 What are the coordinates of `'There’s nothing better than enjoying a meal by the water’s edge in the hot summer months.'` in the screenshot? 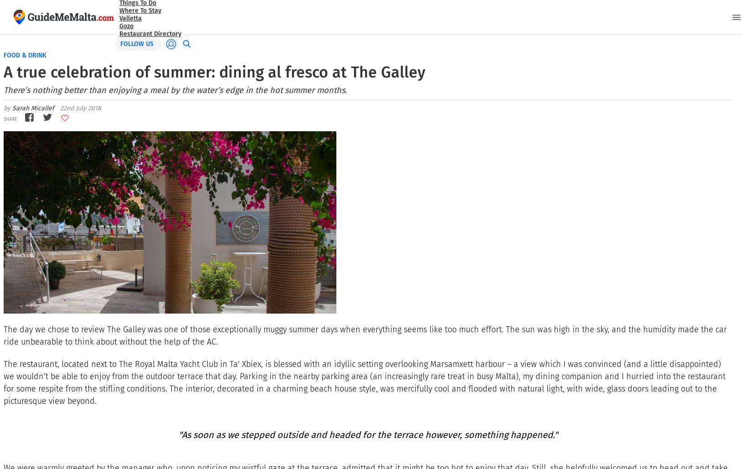 It's located at (3, 90).